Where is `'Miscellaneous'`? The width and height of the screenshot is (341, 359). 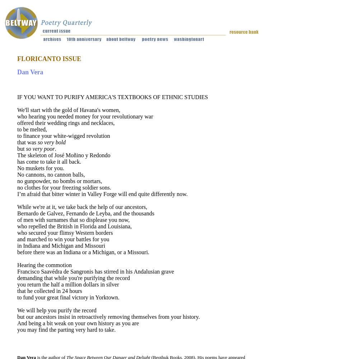 'Miscellaneous' is located at coordinates (240, 86).